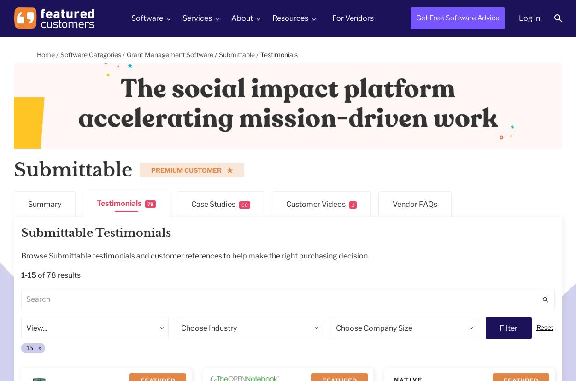  Describe the element at coordinates (290, 17) in the screenshot. I see `'Resources'` at that location.